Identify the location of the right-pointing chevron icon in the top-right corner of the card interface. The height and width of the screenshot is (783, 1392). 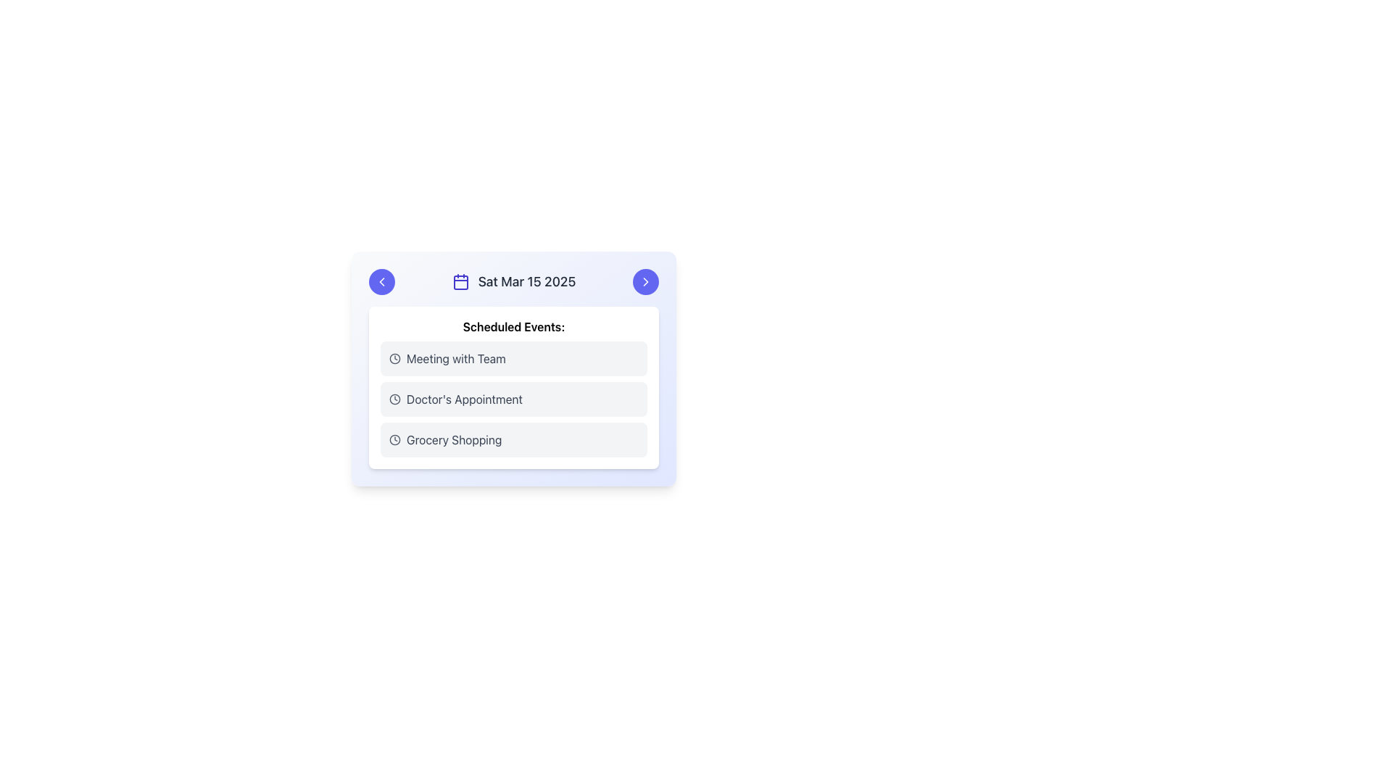
(645, 282).